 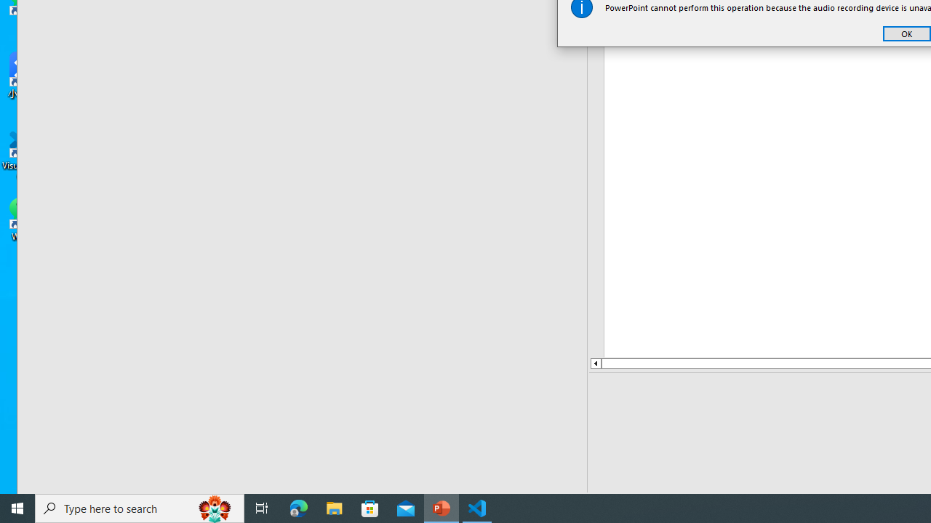 What do you see at coordinates (334, 507) in the screenshot?
I see `'File Explorer'` at bounding box center [334, 507].